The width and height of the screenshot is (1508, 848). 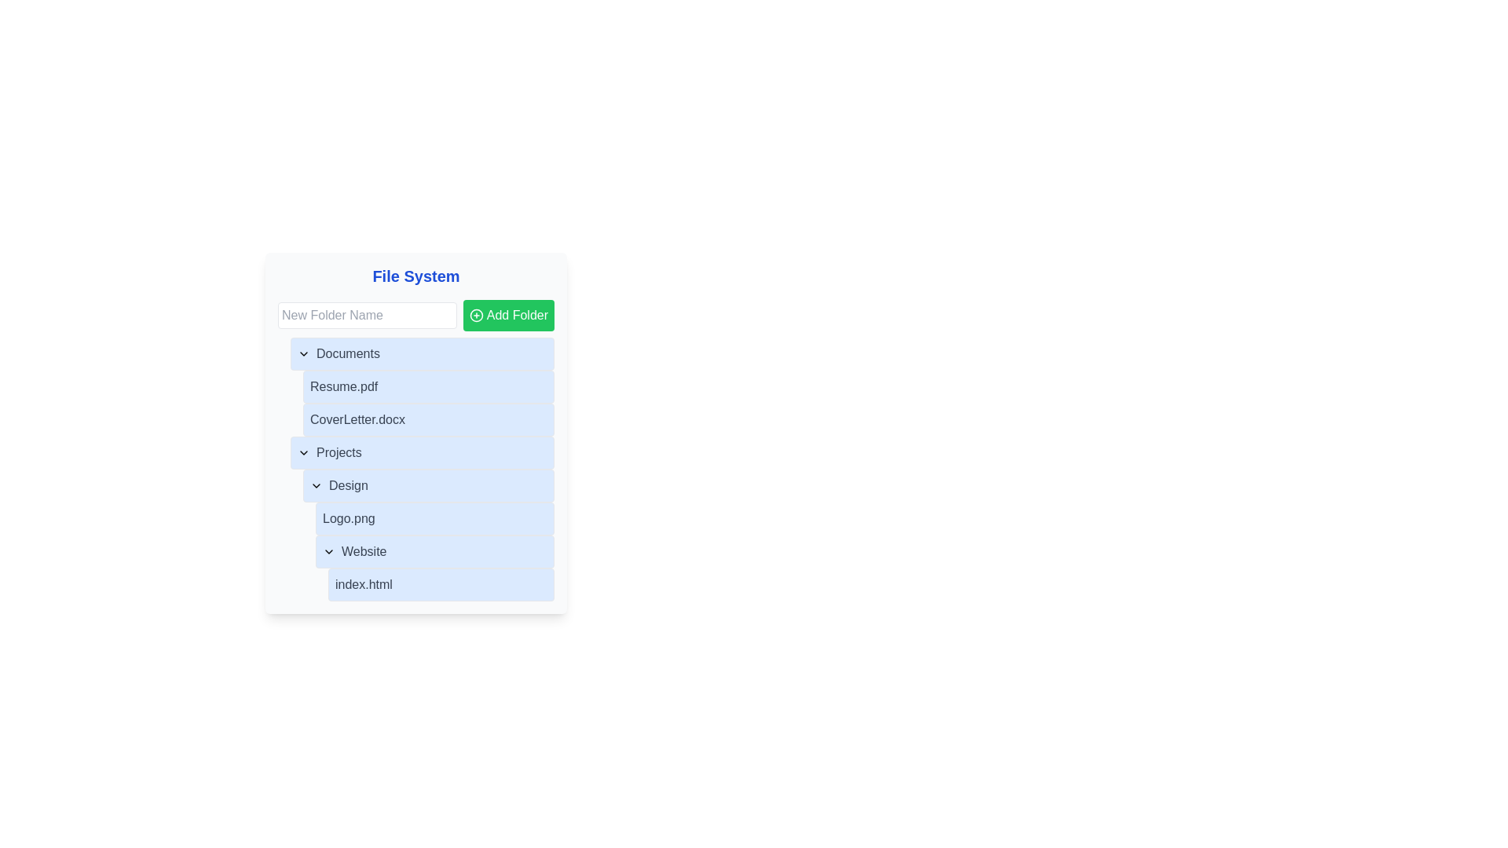 What do you see at coordinates (347, 484) in the screenshot?
I see `to select the 'Design' folder within the collapsible list under the 'Projects' section` at bounding box center [347, 484].